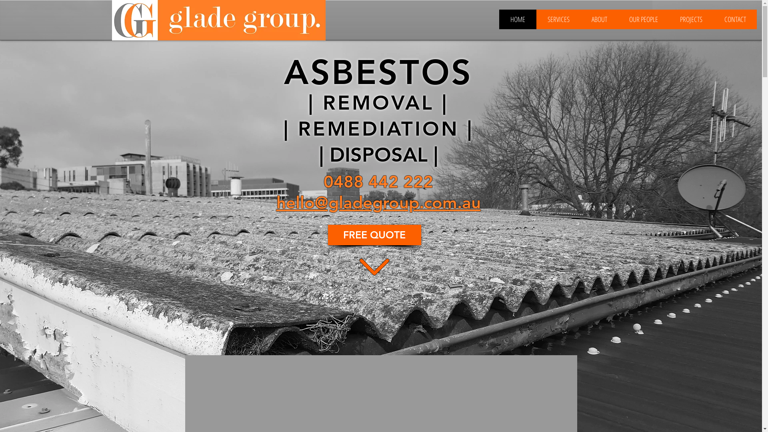 Image resolution: width=768 pixels, height=432 pixels. I want to click on 'CONTACT', so click(713, 19).